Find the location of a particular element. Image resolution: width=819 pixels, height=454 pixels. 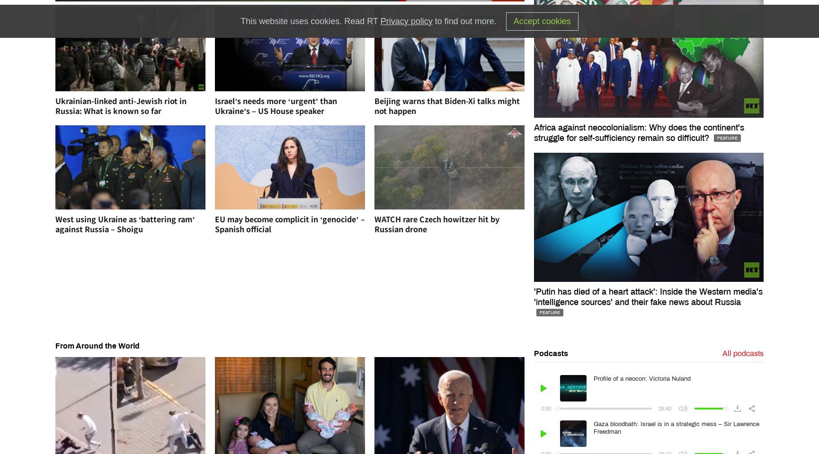

'Profile of a neocon: Victoria Nuland' is located at coordinates (593, 378).